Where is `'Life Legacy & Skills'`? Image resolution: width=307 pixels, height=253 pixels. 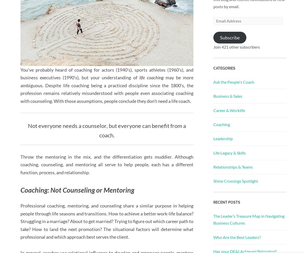
'Life Legacy & Skills' is located at coordinates (229, 152).